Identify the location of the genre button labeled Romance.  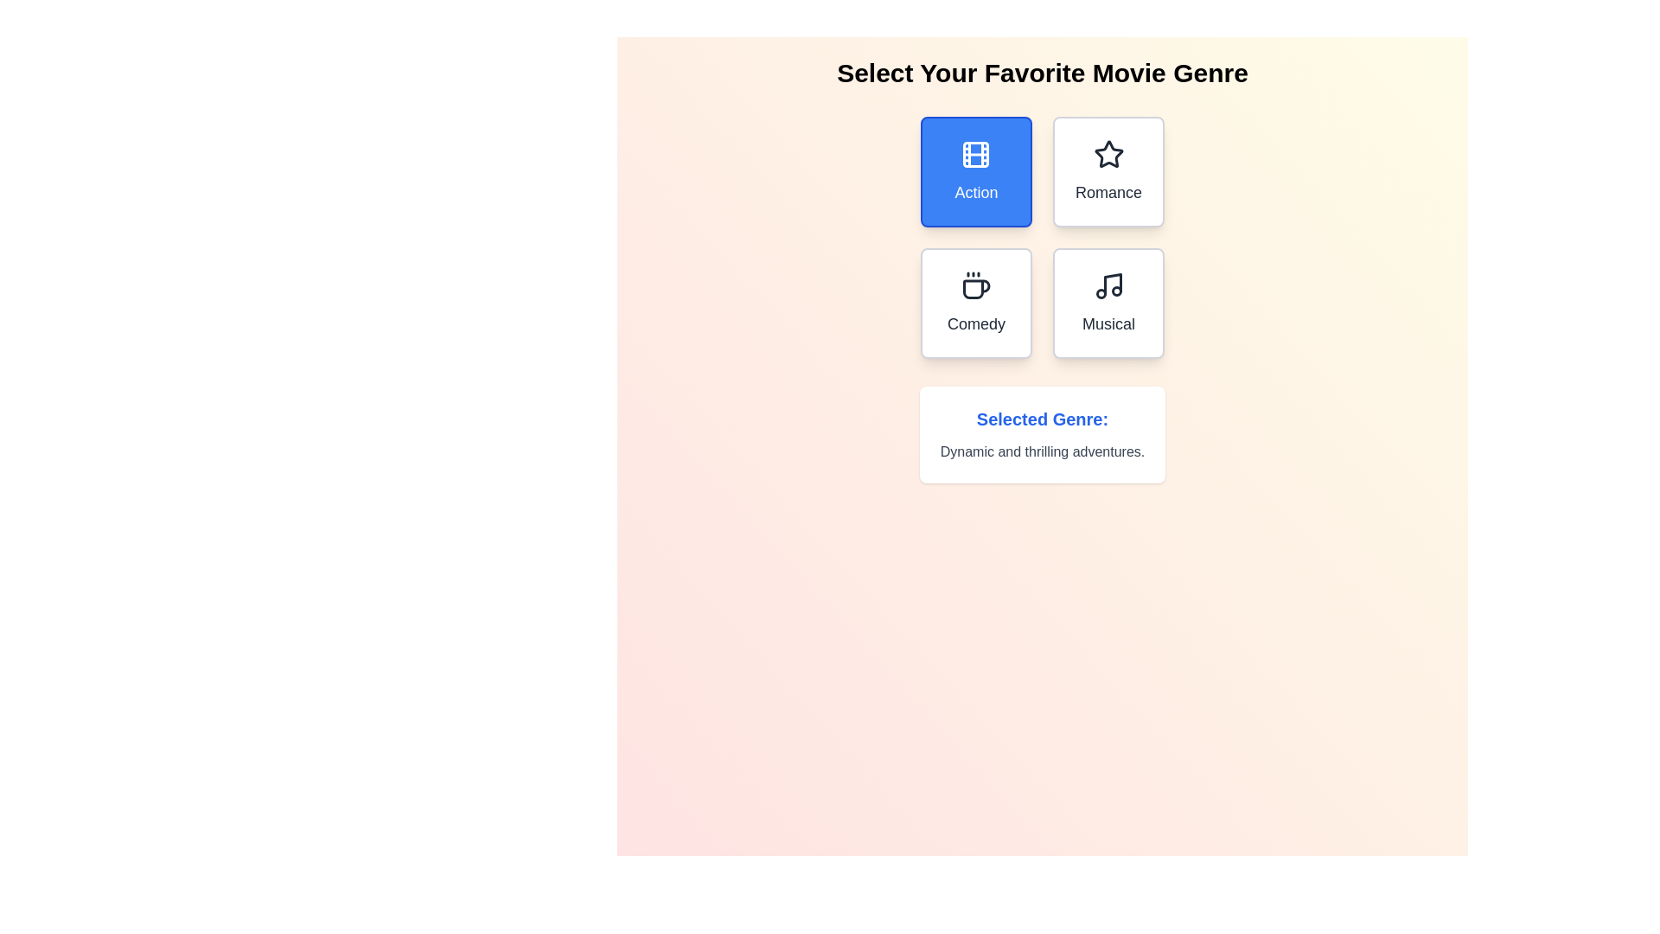
(1108, 172).